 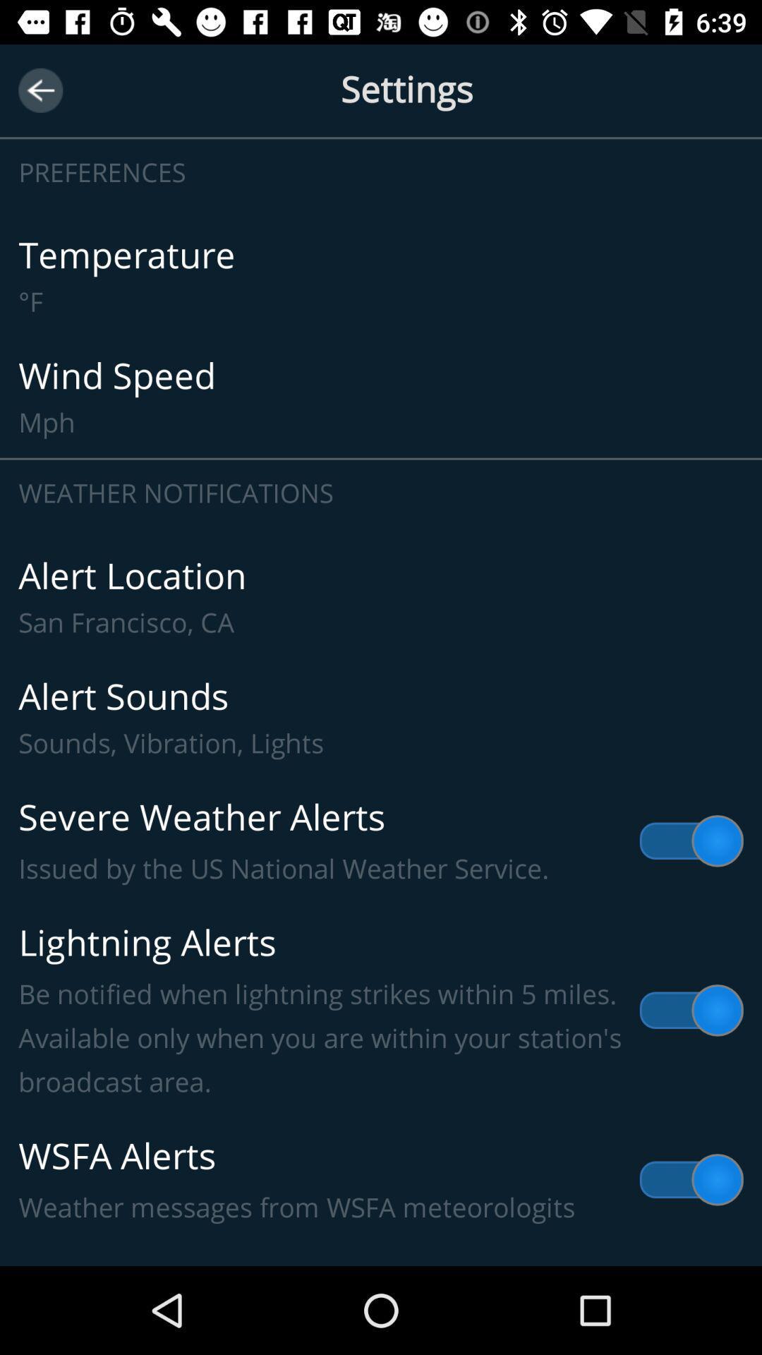 I want to click on the arrow_backward icon, so click(x=40, y=90).